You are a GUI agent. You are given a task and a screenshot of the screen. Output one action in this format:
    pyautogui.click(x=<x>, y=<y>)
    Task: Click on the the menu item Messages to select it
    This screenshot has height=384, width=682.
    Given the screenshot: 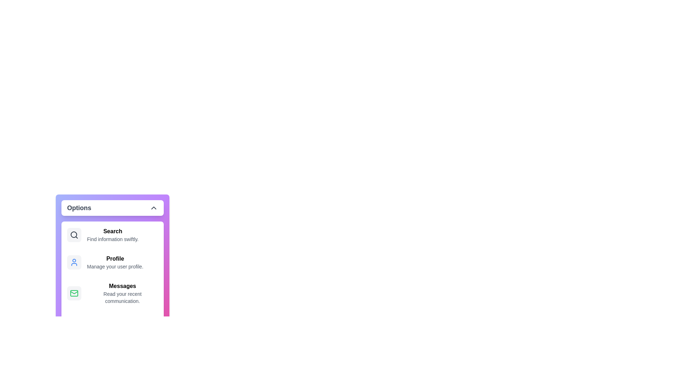 What is the action you would take?
    pyautogui.click(x=112, y=293)
    